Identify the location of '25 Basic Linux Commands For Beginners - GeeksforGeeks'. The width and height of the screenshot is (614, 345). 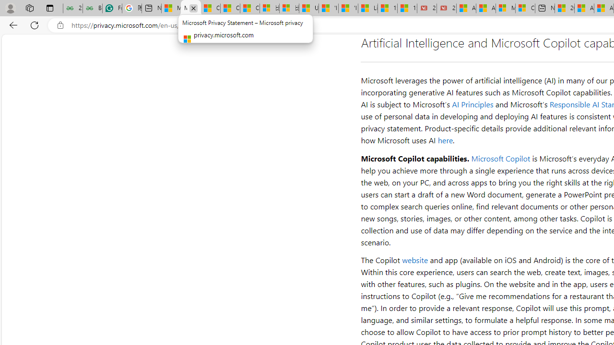
(72, 8).